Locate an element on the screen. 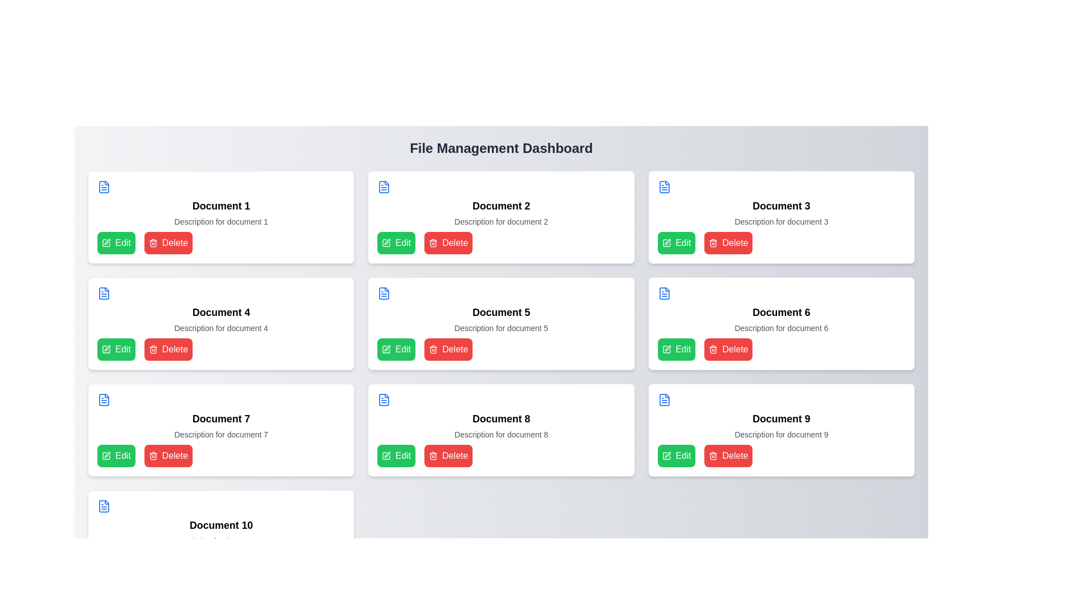 The width and height of the screenshot is (1075, 605). the title text element located at the top of the last content card in the grid layout, which indicates the document's identity is located at coordinates (221, 525).